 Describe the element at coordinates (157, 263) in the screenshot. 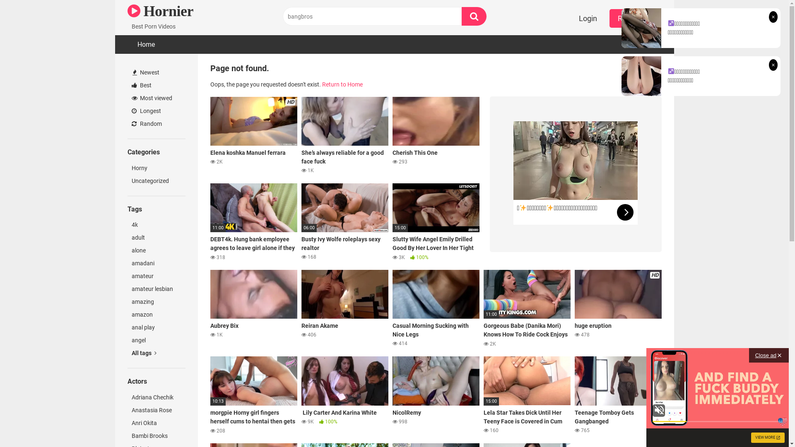

I see `'amadani'` at that location.